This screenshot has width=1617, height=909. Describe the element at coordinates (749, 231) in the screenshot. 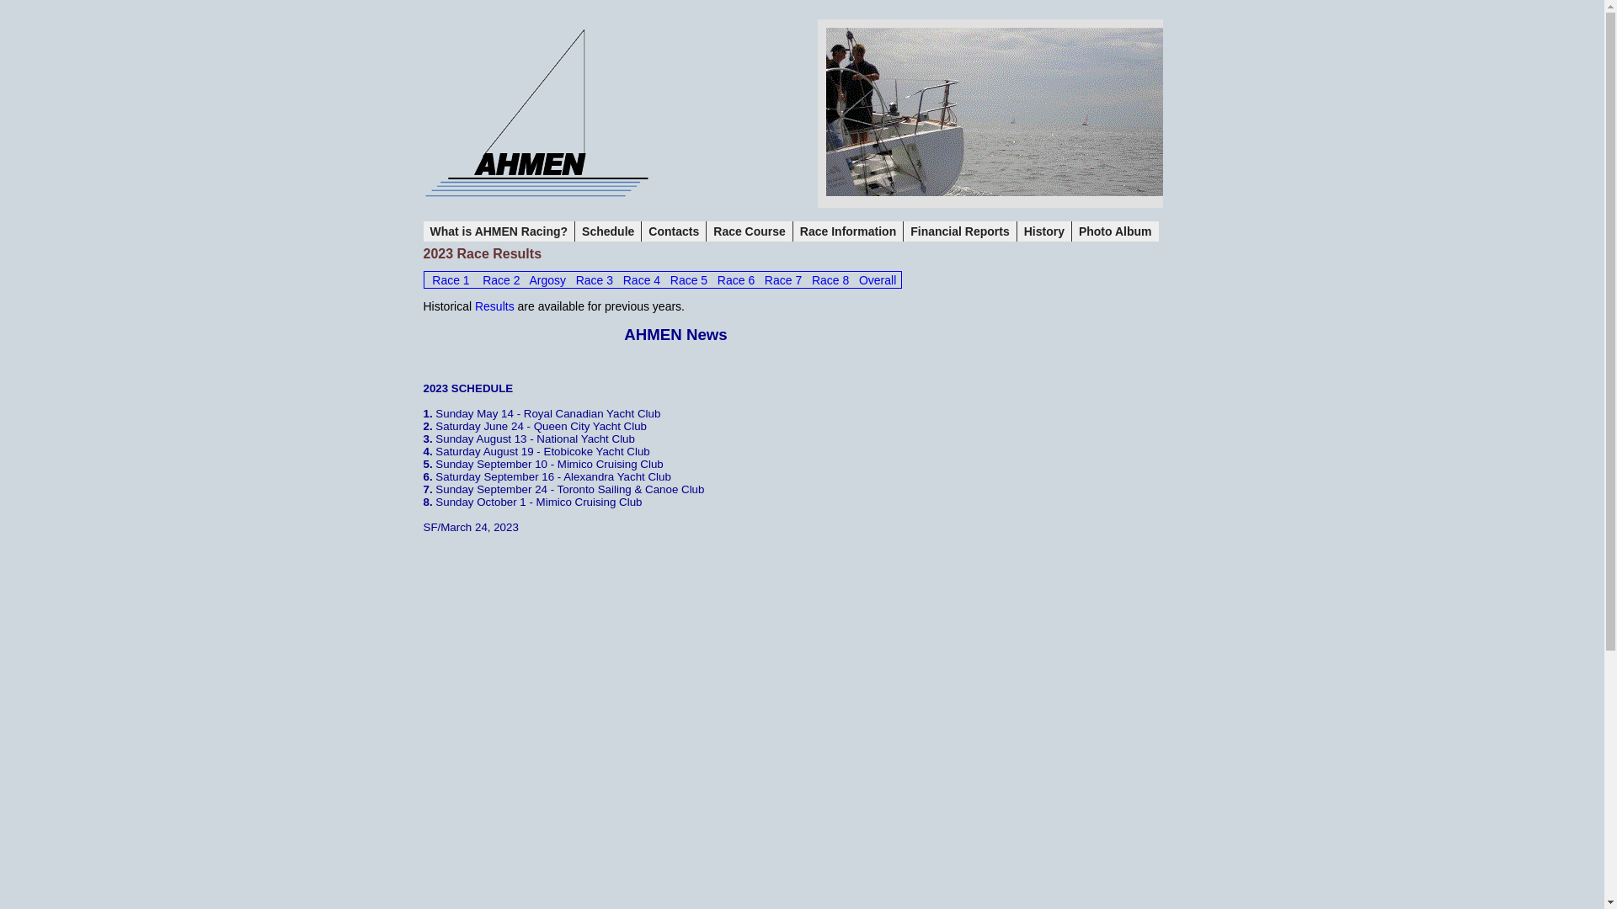

I see `'Race Course'` at that location.